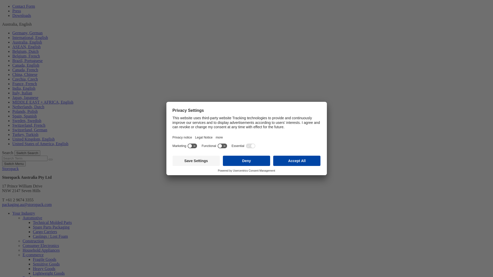 Image resolution: width=493 pixels, height=277 pixels. Describe the element at coordinates (27, 33) in the screenshot. I see `'Germany, German'` at that location.